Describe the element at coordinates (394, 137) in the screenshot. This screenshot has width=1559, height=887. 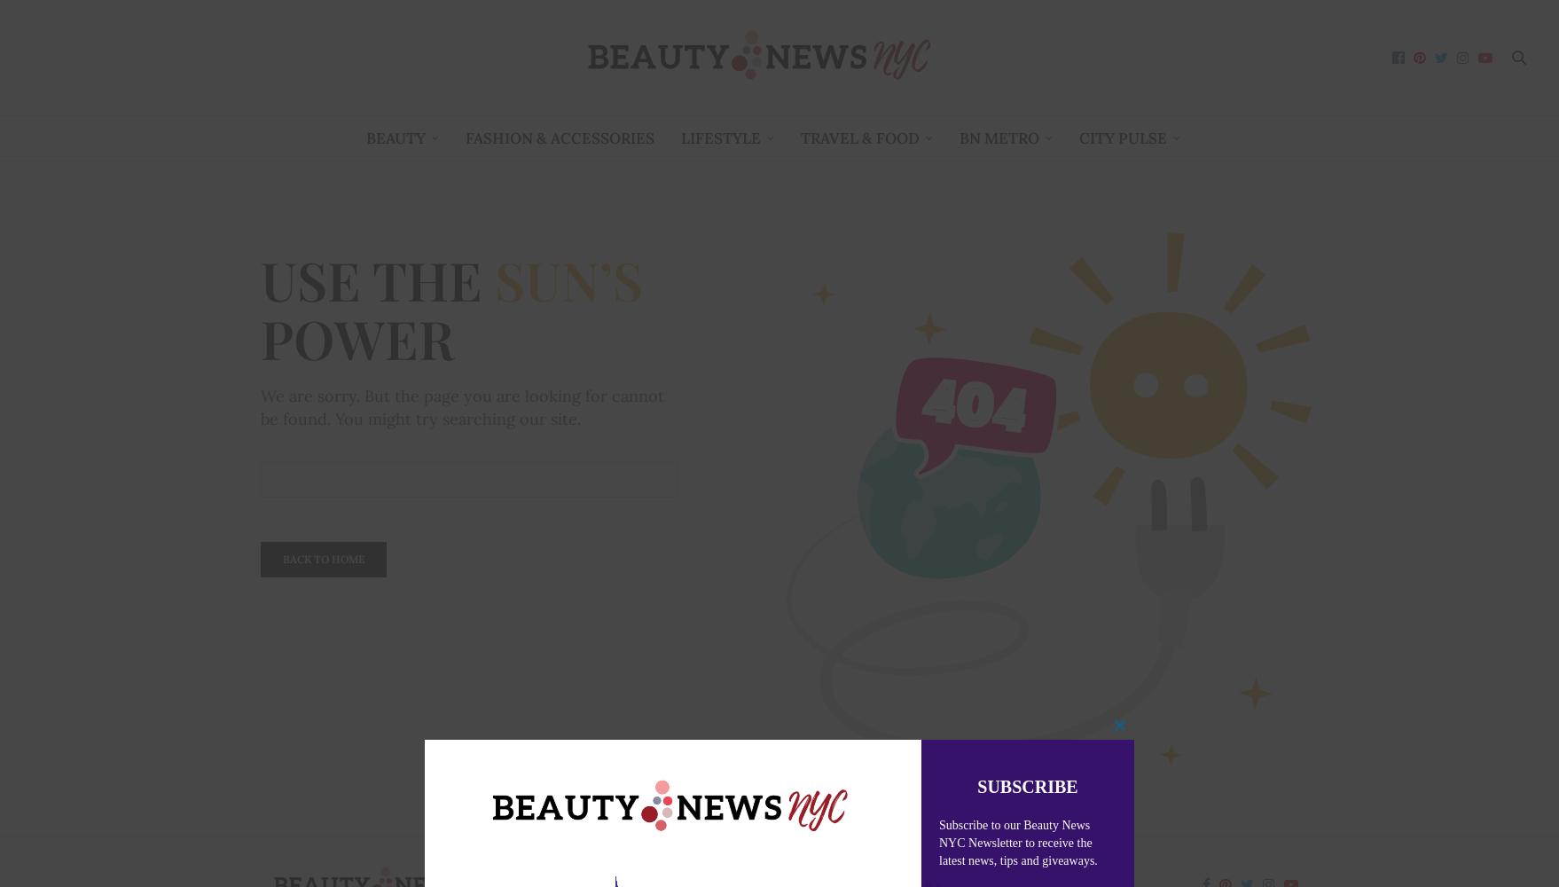
I see `'Beauty'` at that location.